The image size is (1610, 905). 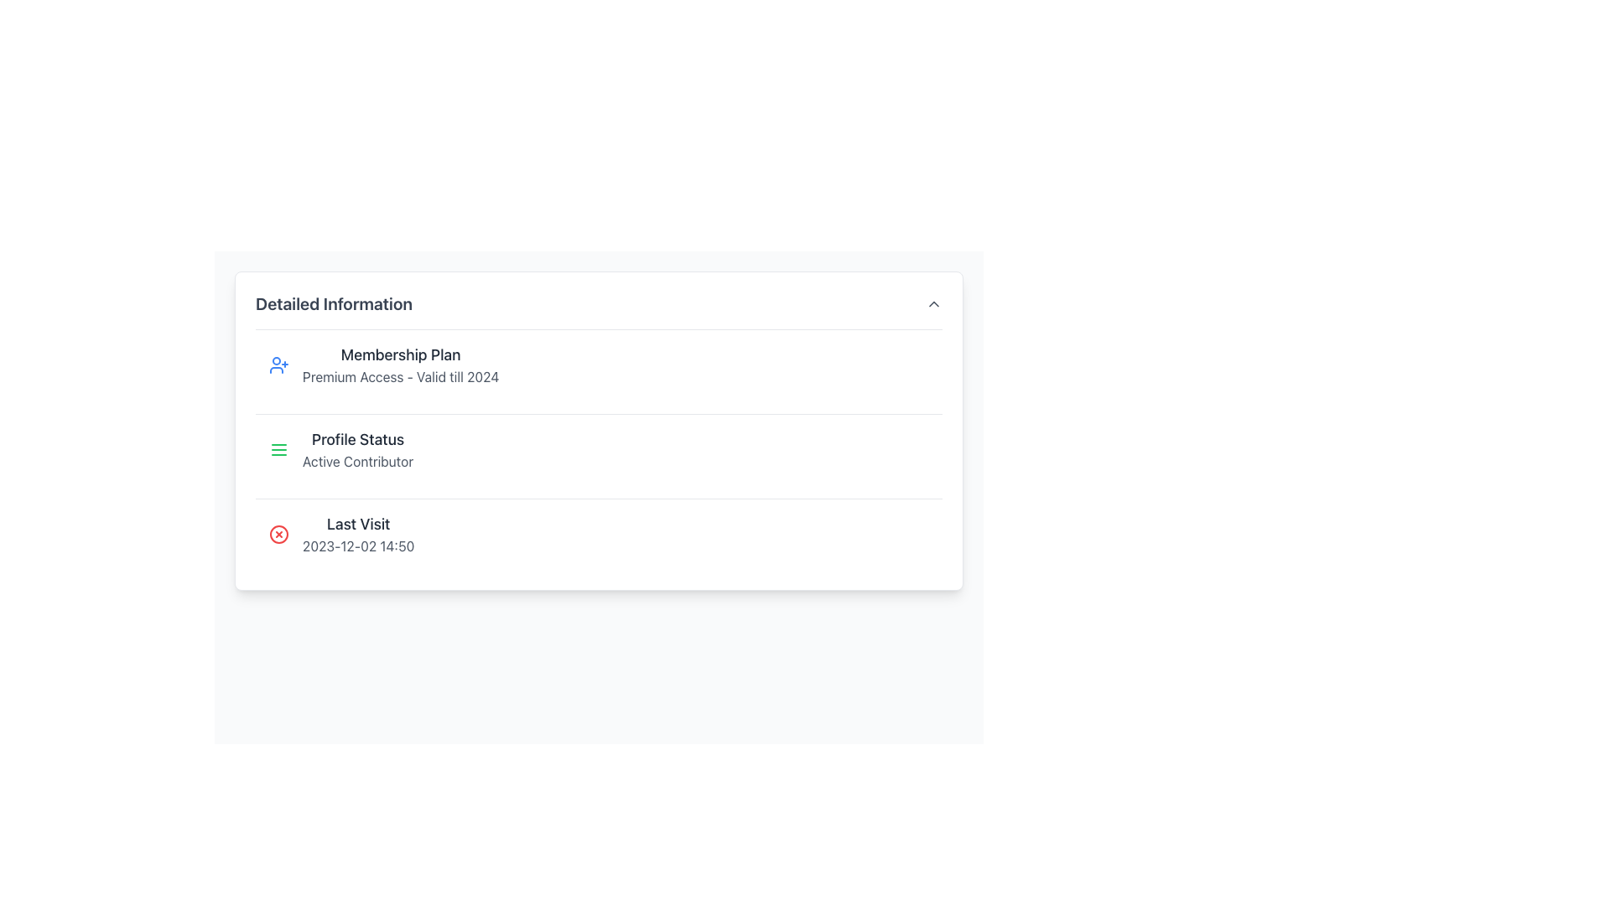 I want to click on information displayed in the text block titled 'Membership Plan' with the subtitle 'Premium Access - Valid till 2024', which is the first item in the dropdown-style information section, so click(x=400, y=364).